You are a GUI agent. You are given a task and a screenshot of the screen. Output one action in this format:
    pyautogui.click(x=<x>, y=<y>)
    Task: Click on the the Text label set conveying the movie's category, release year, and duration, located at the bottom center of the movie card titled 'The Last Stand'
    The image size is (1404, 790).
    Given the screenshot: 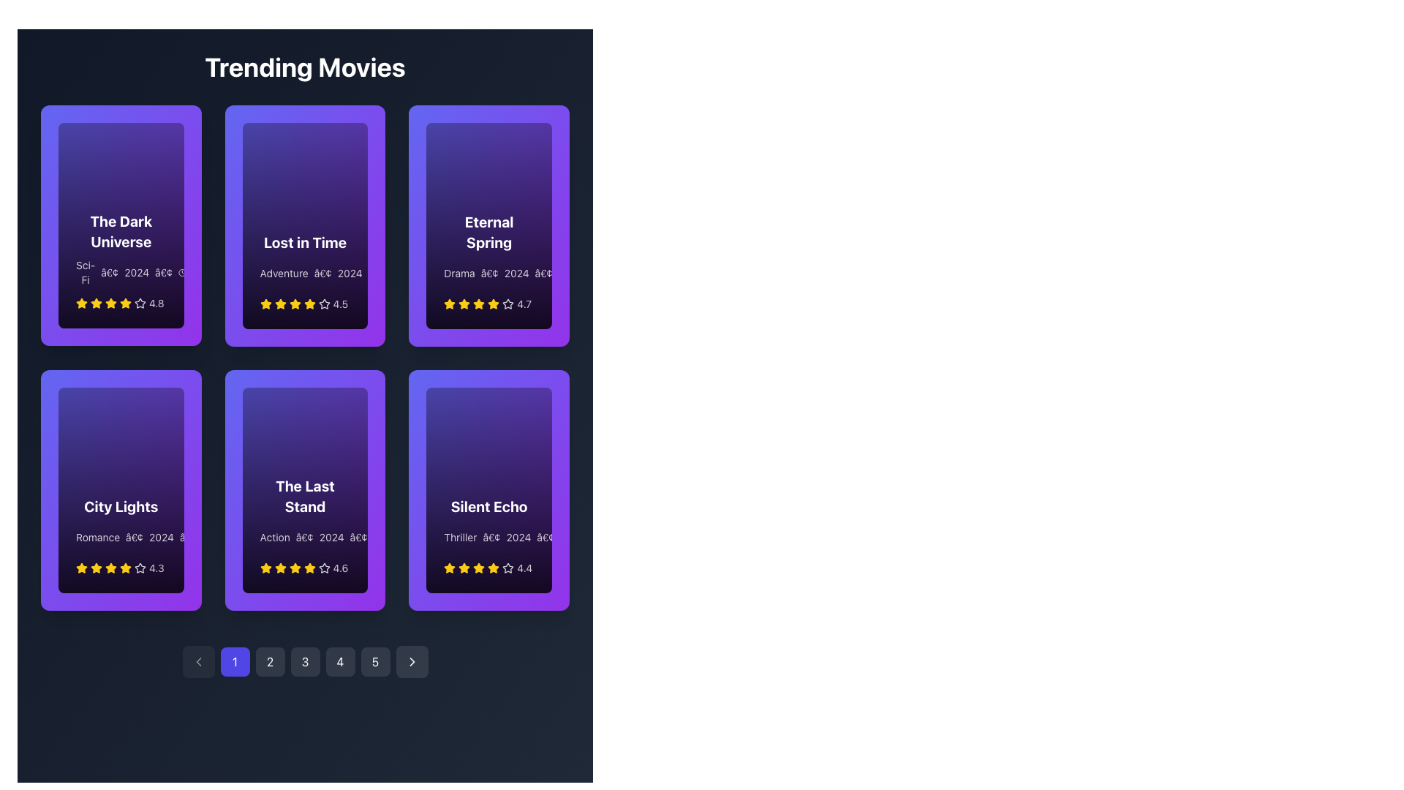 What is the action you would take?
    pyautogui.click(x=304, y=538)
    